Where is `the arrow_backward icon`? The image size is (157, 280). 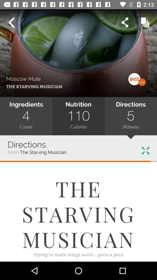
the arrow_backward icon is located at coordinates (11, 22).